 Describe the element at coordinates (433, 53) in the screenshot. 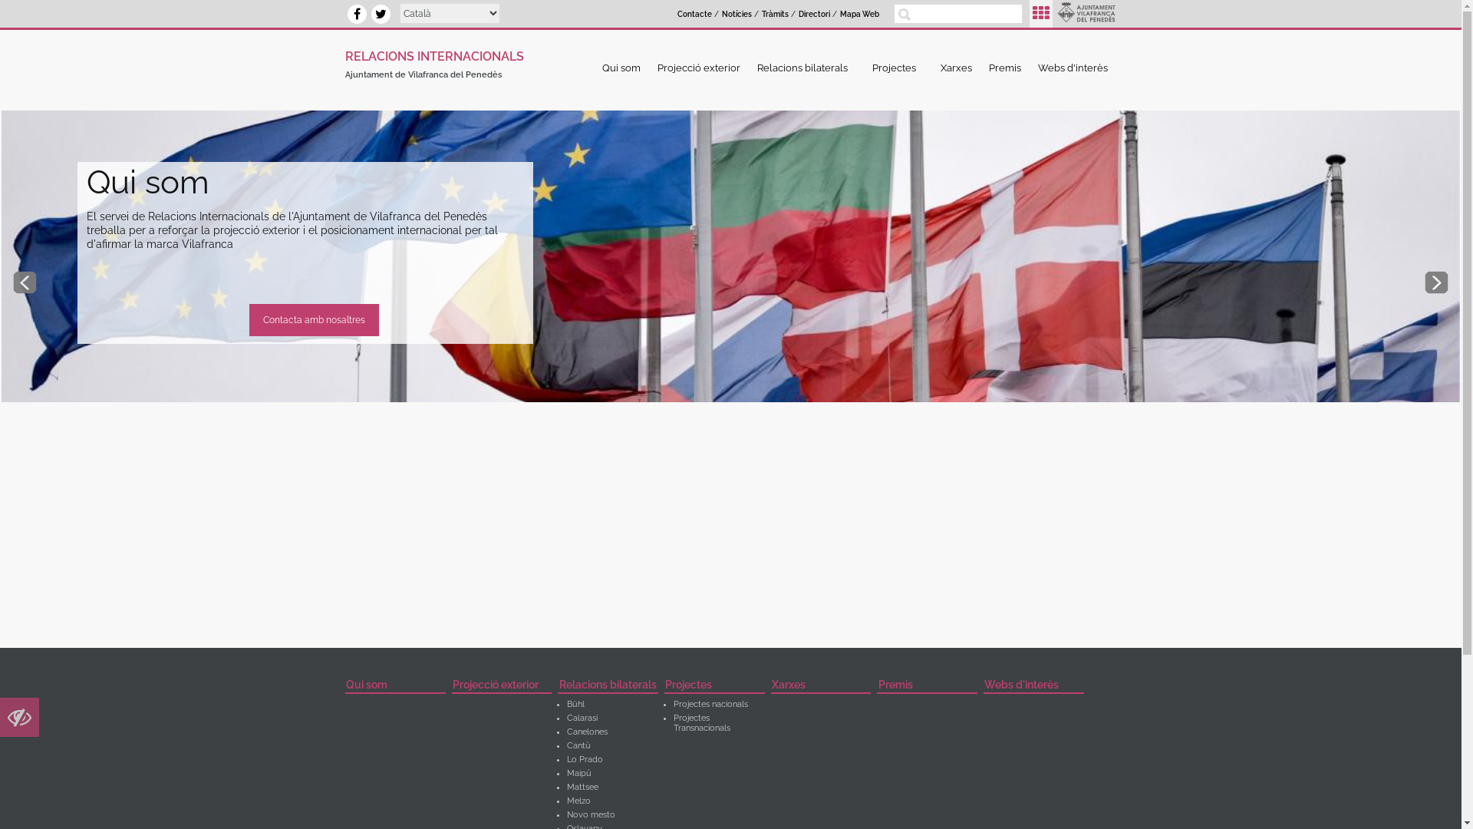

I see `'RELACIONS INTERNACIONALS'` at that location.